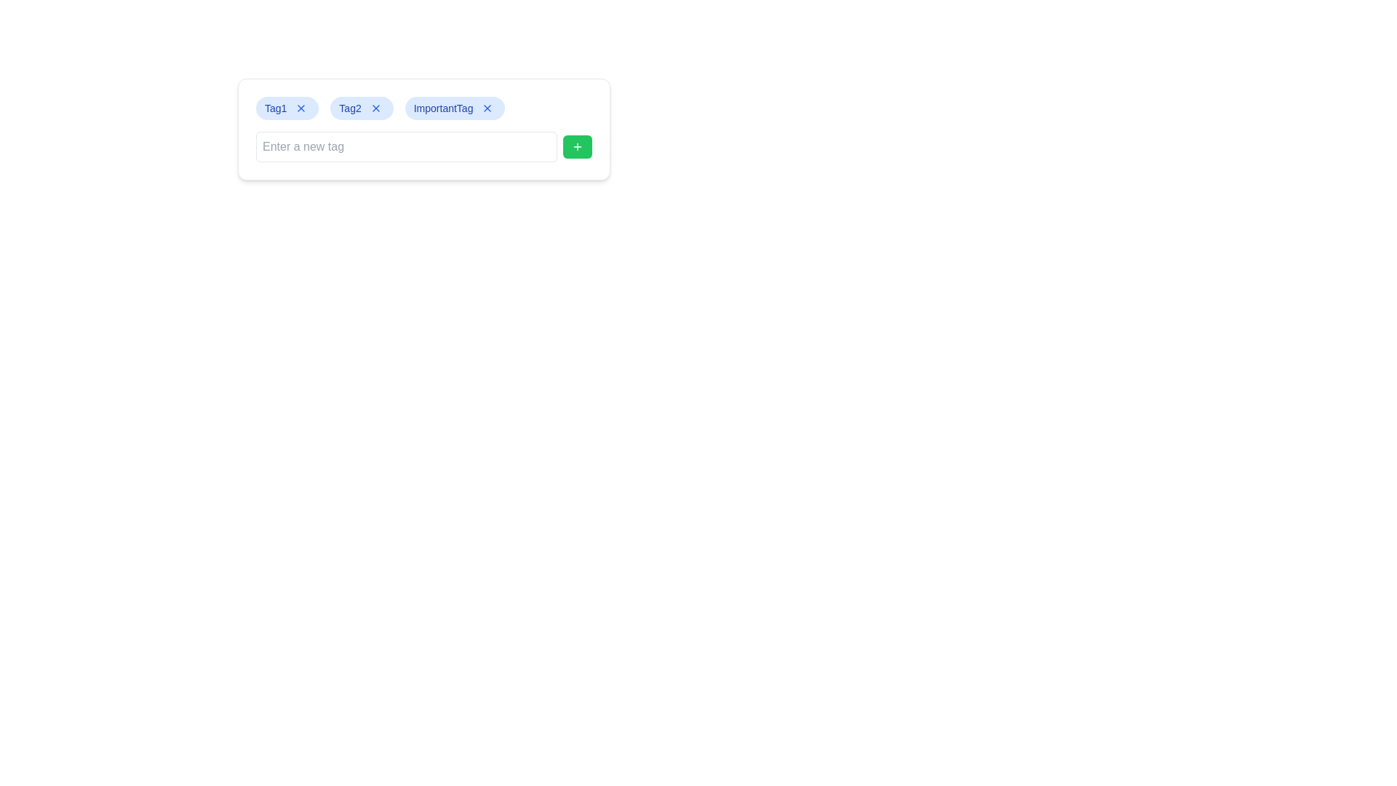 This screenshot has height=786, width=1397. What do you see at coordinates (487, 108) in the screenshot?
I see `the icon button located at the top-right corner of the 'ImportantTag' chip` at bounding box center [487, 108].